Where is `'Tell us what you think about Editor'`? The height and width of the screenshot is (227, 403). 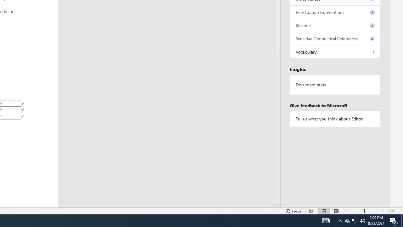 'Tell us what you think about Editor' is located at coordinates (335, 119).